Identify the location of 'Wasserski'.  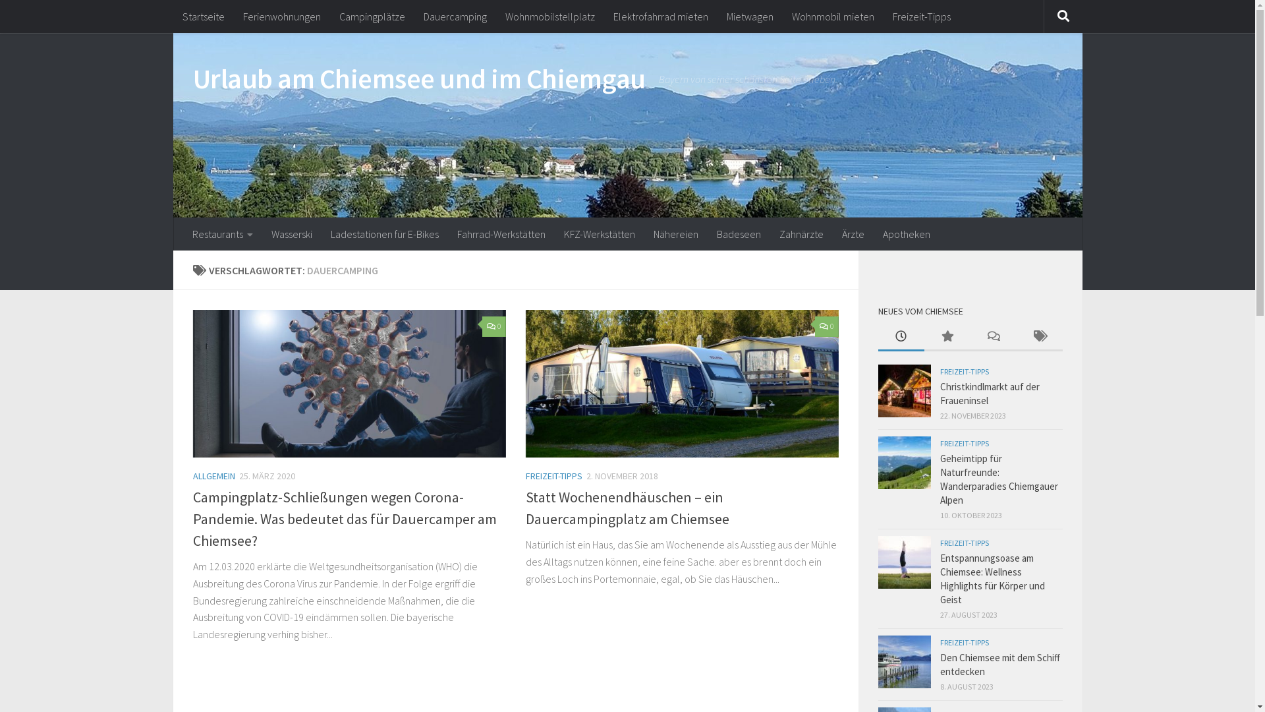
(291, 233).